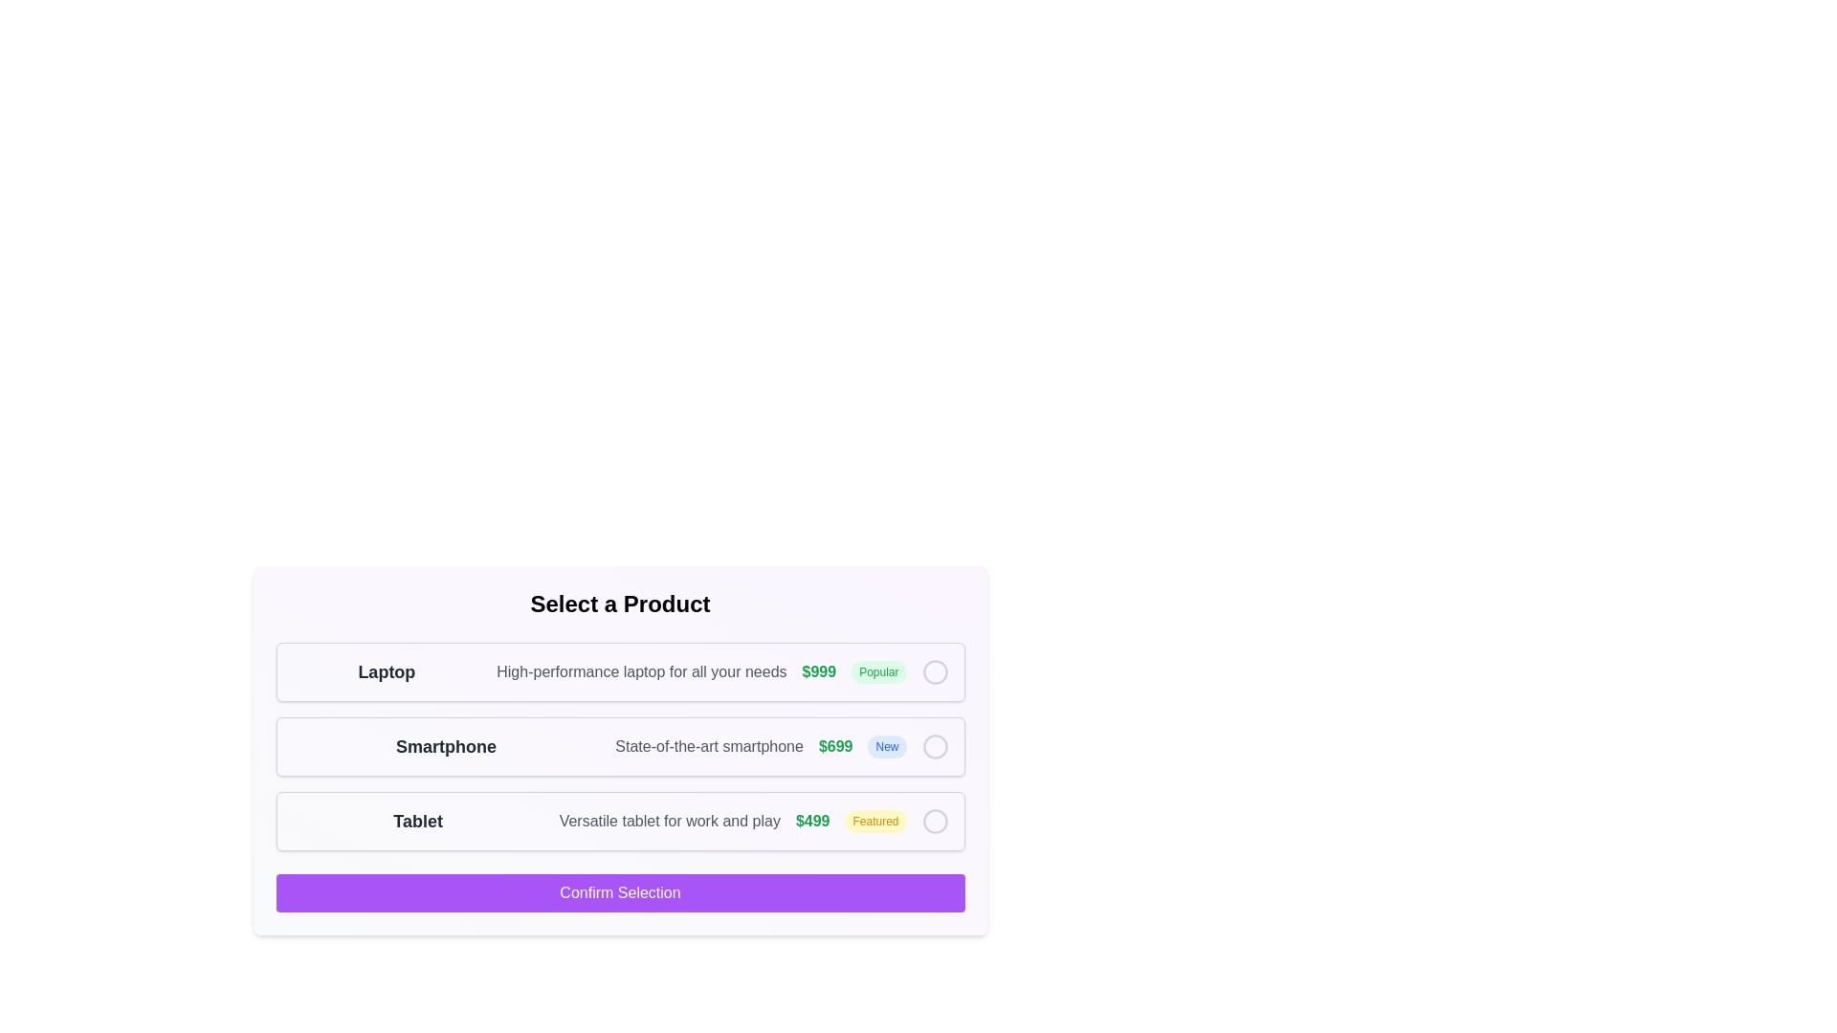  Describe the element at coordinates (386, 670) in the screenshot. I see `the 'Laptop' title text label located in the first product card, which is positioned to the left of the product description and price` at that location.